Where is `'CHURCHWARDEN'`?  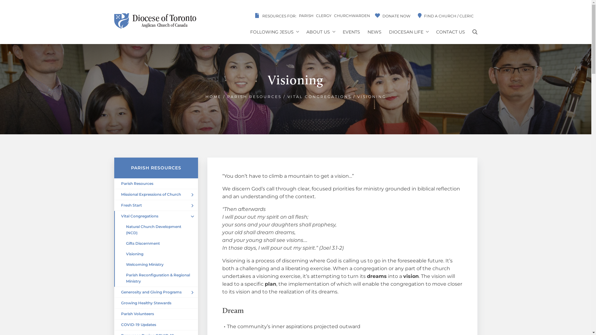
'CHURCHWARDEN' is located at coordinates (352, 15).